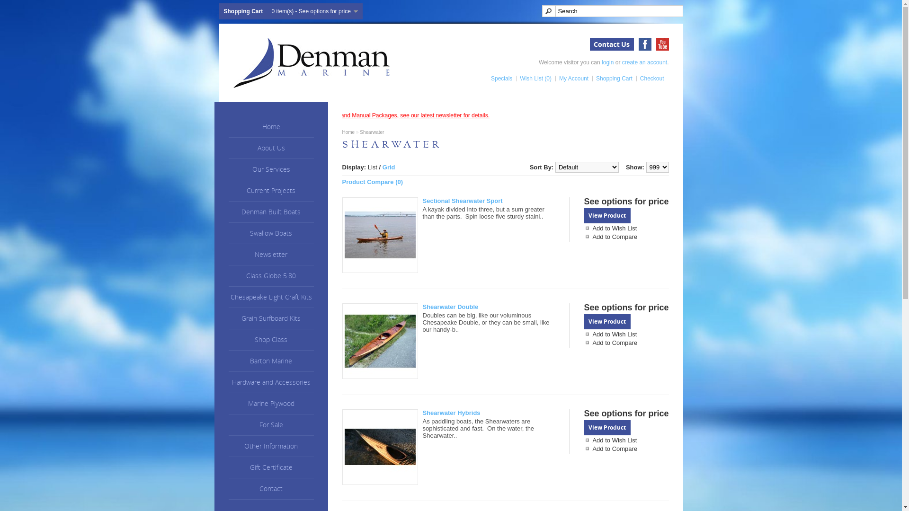  Describe the element at coordinates (583, 448) in the screenshot. I see `'Add to Compare'` at that location.